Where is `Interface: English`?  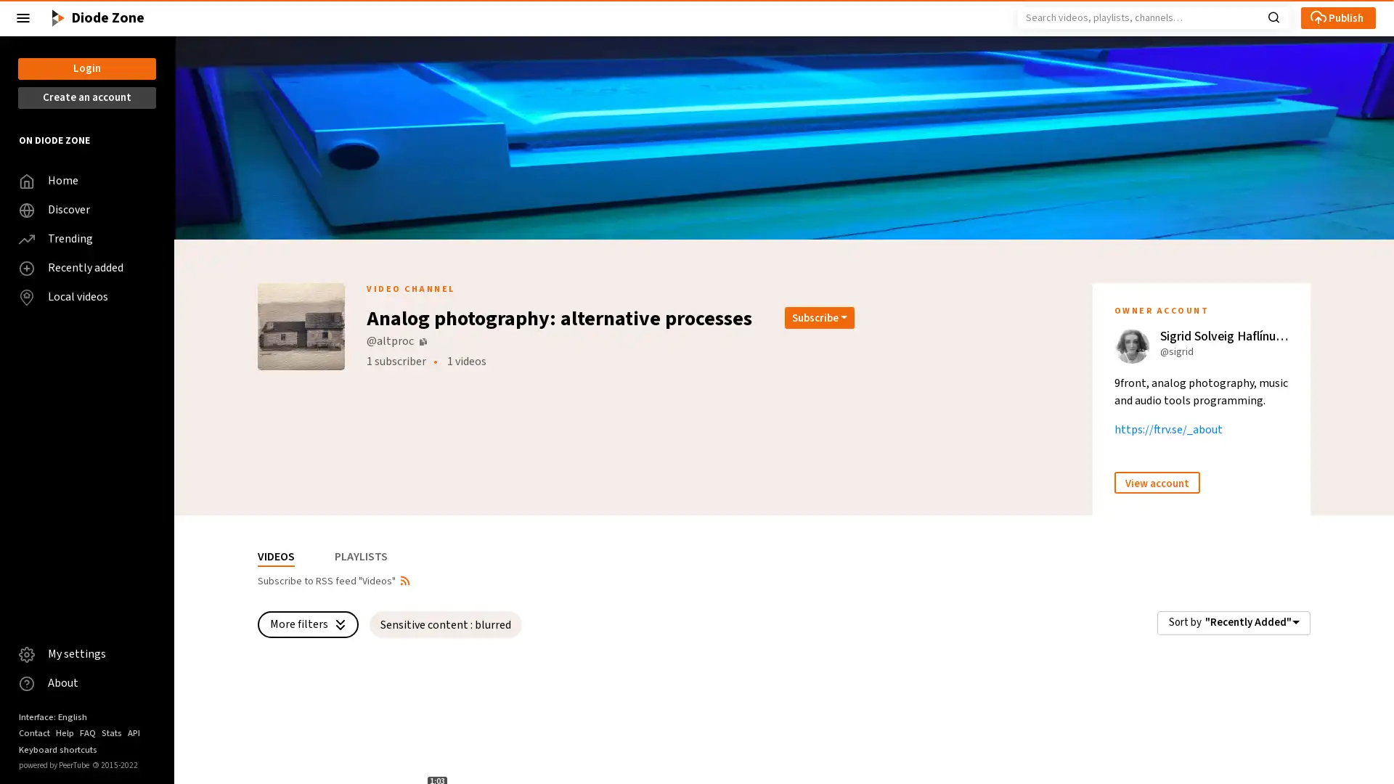
Interface: English is located at coordinates (52, 716).